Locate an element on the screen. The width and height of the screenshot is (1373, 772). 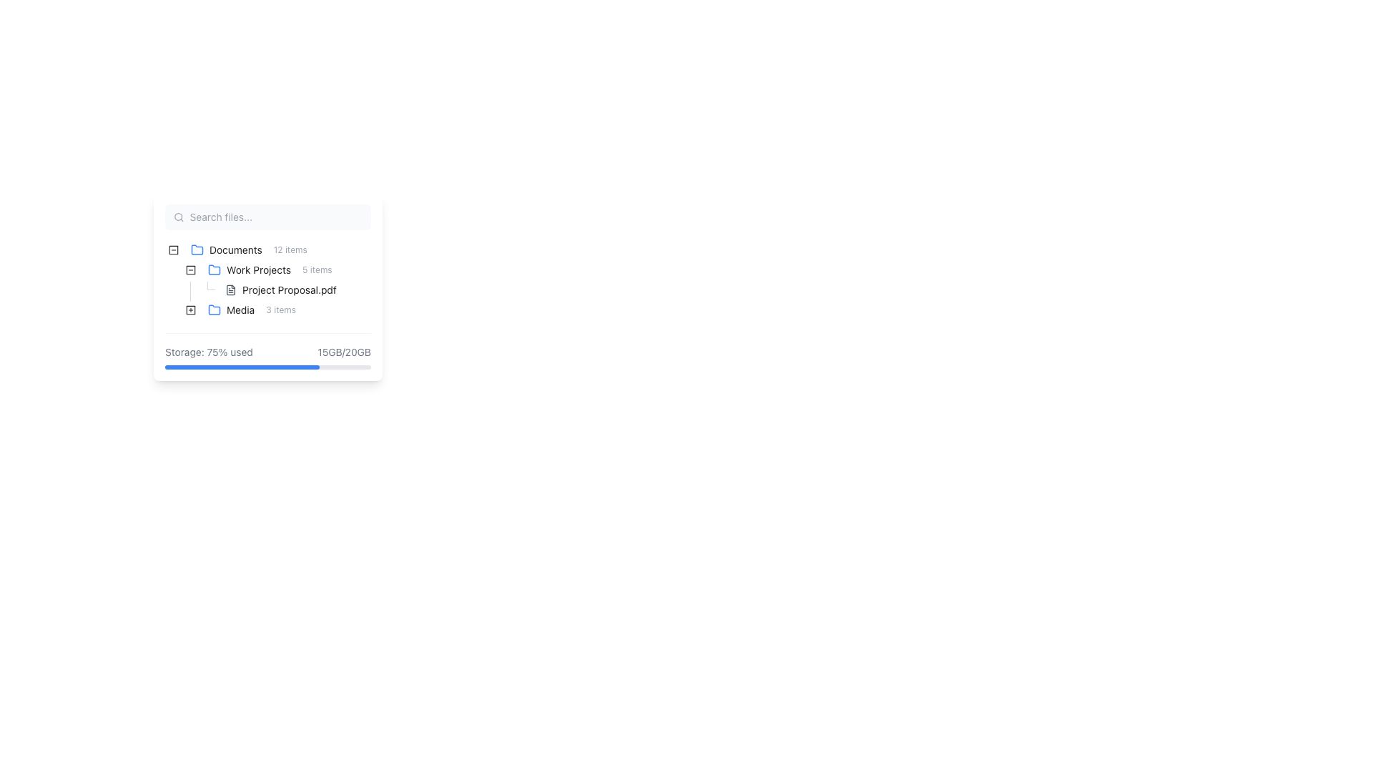
the folder icon representing 'Documents' is located at coordinates (196, 249).